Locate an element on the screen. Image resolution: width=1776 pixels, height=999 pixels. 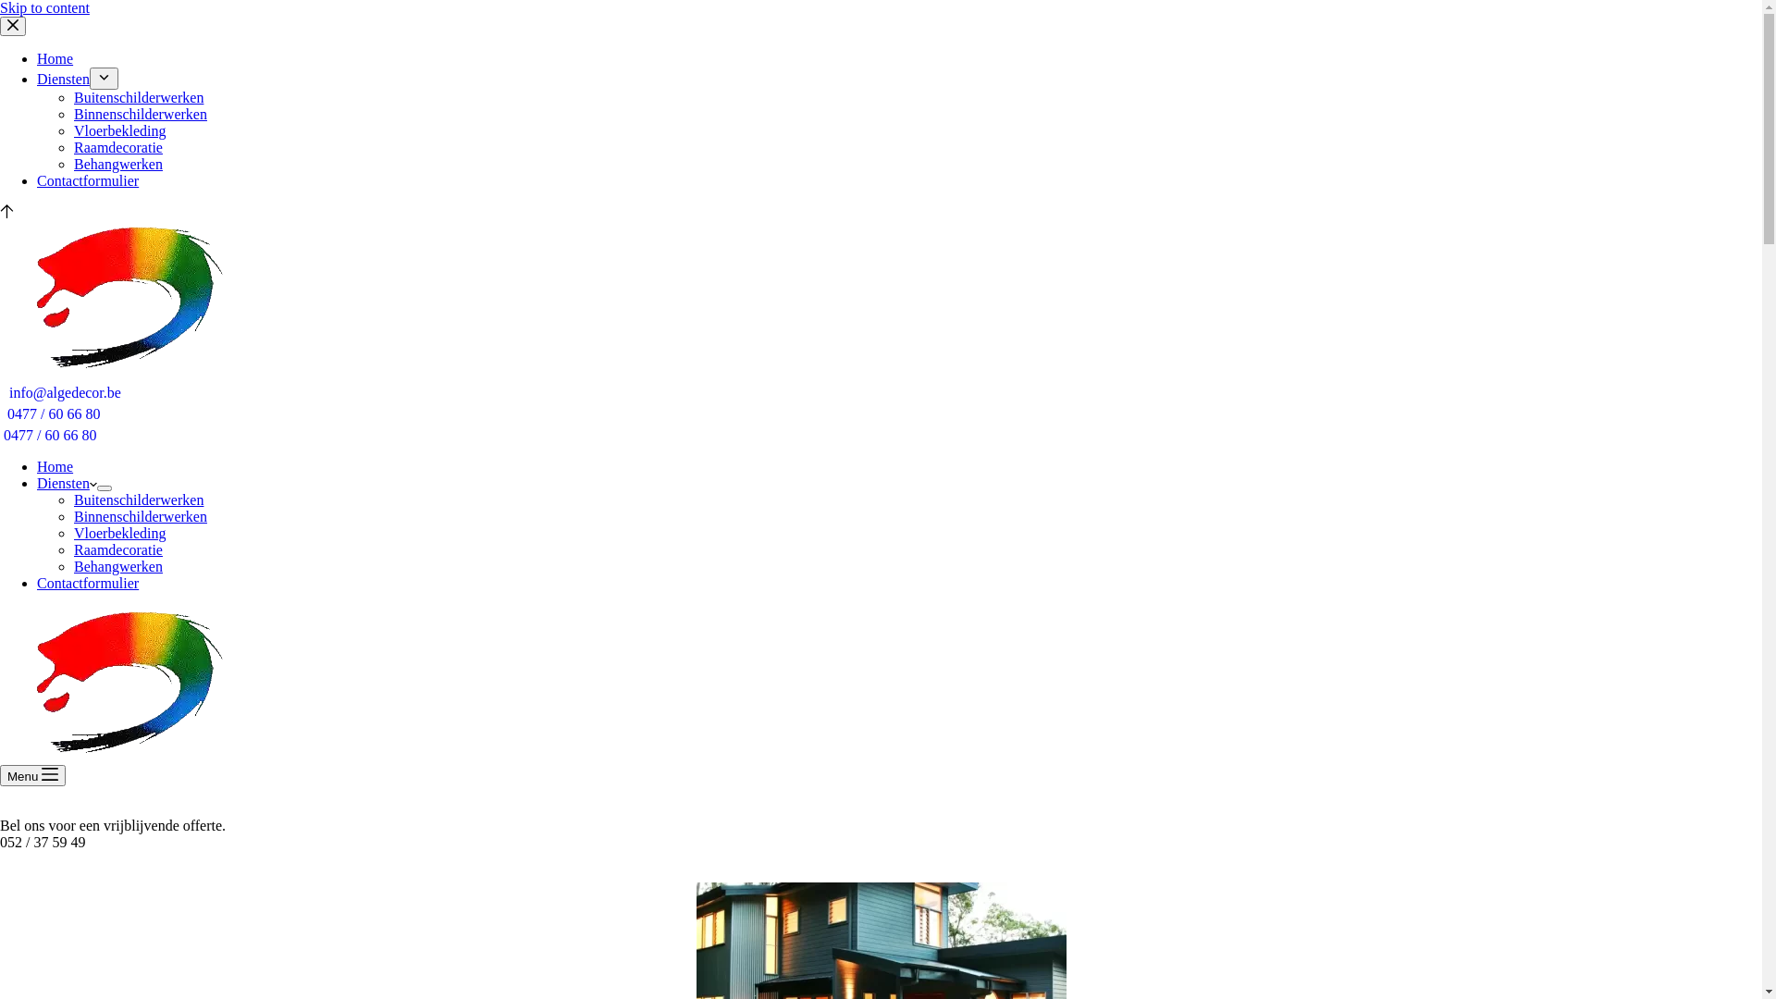
'Buitenschilderwerken' is located at coordinates (137, 499).